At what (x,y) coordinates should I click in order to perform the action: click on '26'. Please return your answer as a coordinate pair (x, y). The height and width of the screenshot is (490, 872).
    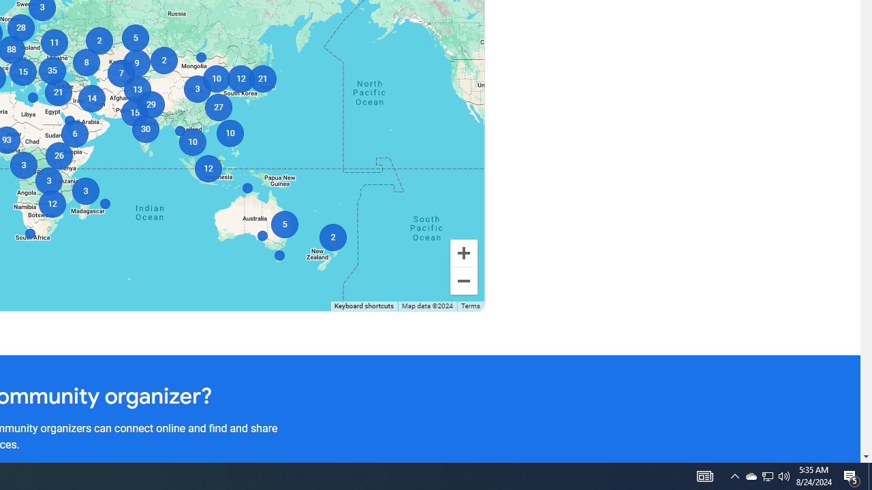
    Looking at the image, I should click on (59, 154).